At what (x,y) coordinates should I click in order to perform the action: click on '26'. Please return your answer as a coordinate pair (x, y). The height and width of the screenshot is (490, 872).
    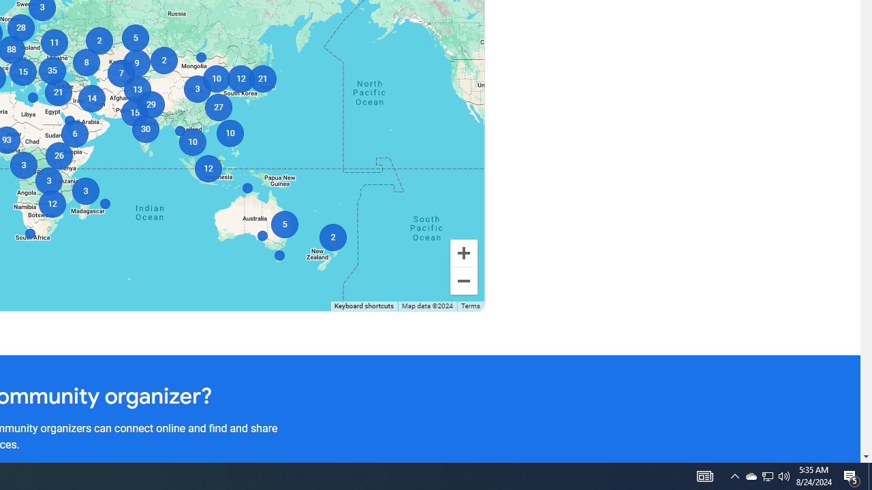
    Looking at the image, I should click on (59, 154).